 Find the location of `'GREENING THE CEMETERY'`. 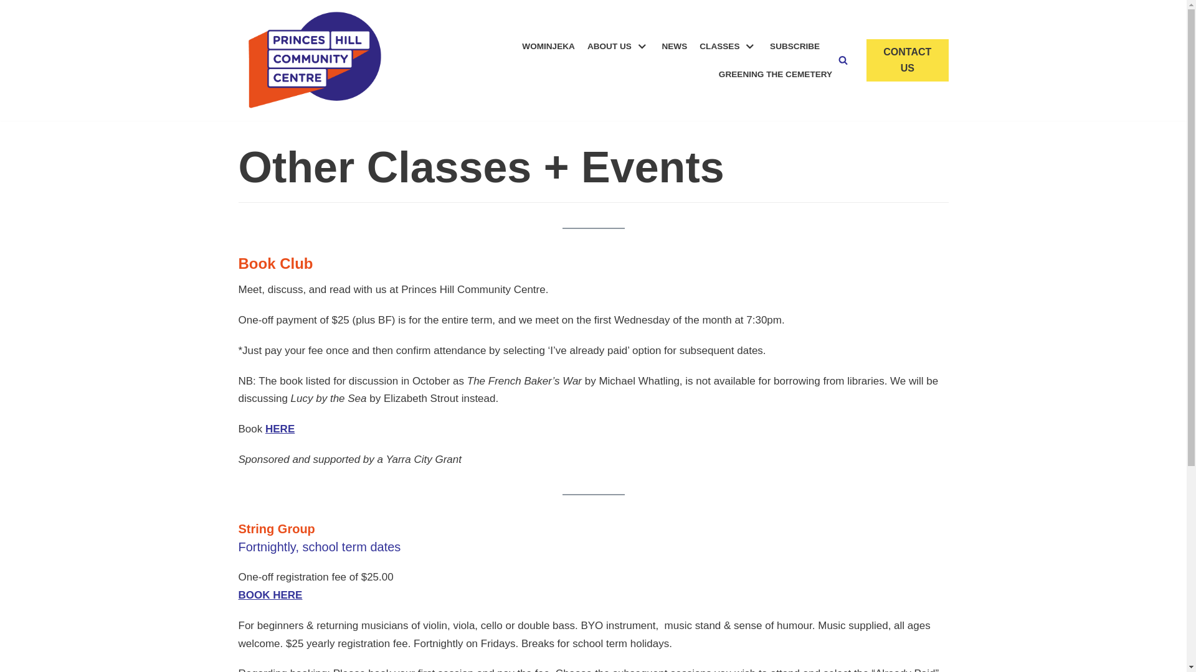

'GREENING THE CEMETERY' is located at coordinates (774, 74).